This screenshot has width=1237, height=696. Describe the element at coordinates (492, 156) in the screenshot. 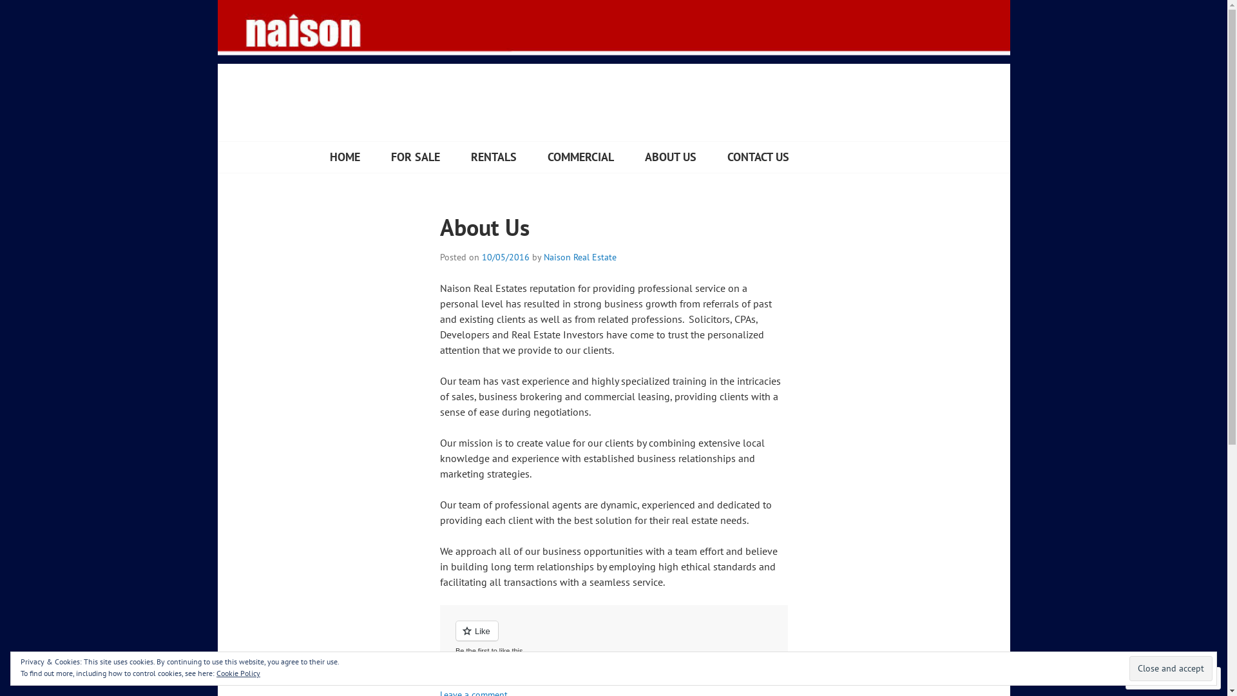

I see `'RENTALS'` at that location.